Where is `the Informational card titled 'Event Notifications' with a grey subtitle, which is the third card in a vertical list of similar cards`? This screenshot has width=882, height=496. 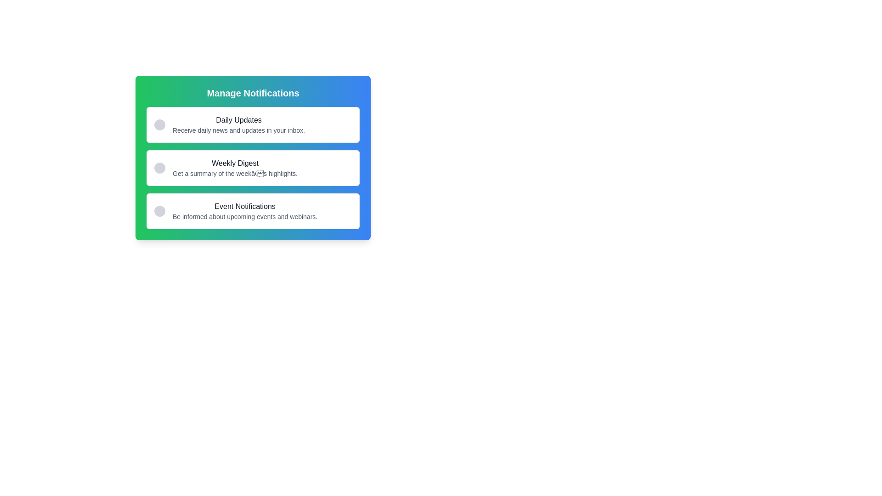 the Informational card titled 'Event Notifications' with a grey subtitle, which is the third card in a vertical list of similar cards is located at coordinates (253, 211).